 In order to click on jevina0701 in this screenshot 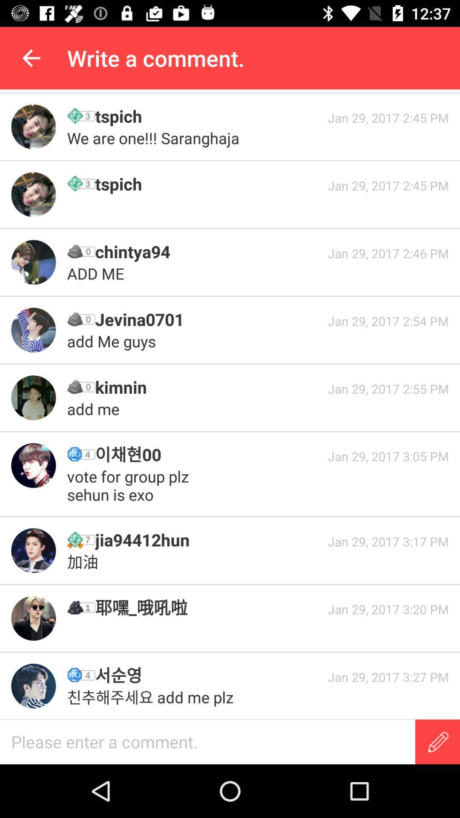, I will do `click(208, 319)`.